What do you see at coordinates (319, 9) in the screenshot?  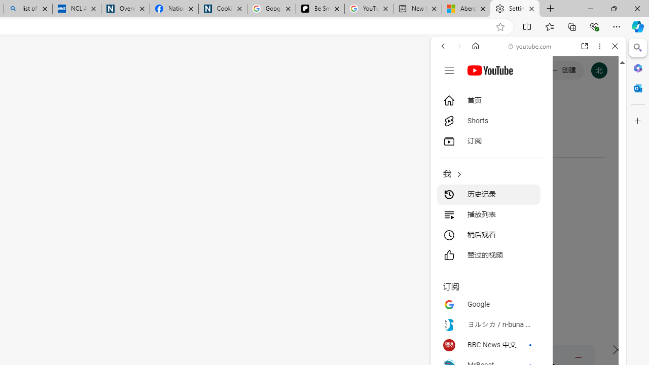 I see `'Be Smart | creating Science videos | Patreon'` at bounding box center [319, 9].